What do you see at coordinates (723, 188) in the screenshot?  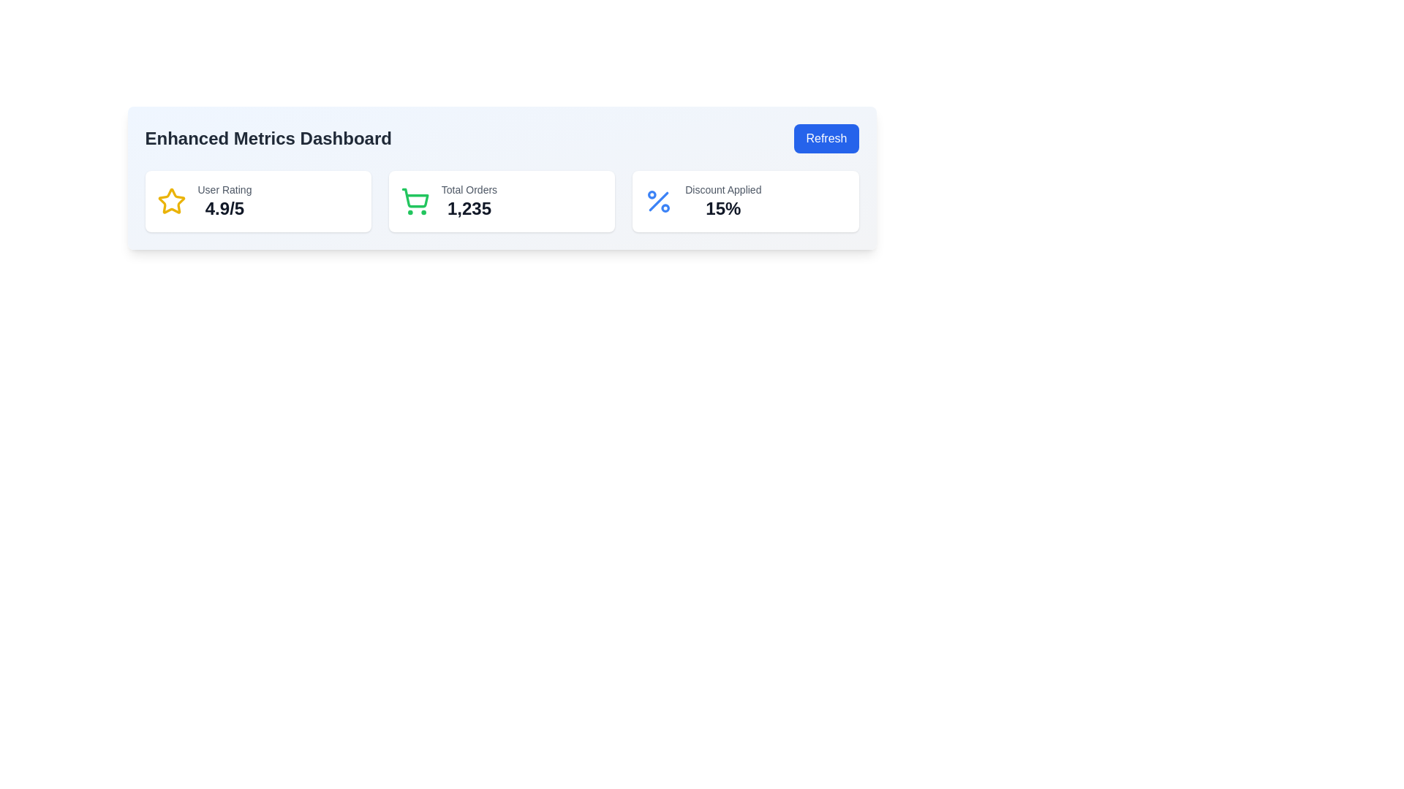 I see `the 'Discount Applied' text label, which is displayed in light gray and located at the top of a metrics dashboard group containing a percentage icon and a bold discount percentage value` at bounding box center [723, 188].